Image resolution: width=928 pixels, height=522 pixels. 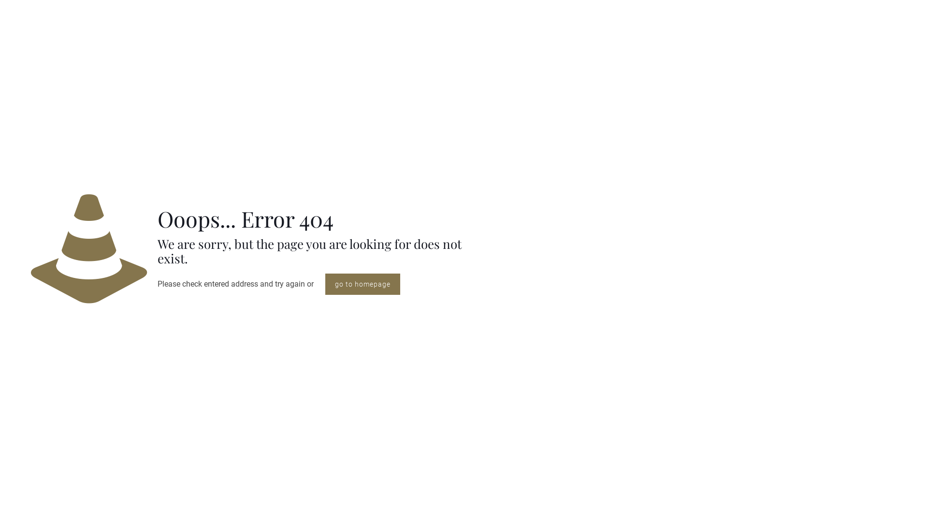 What do you see at coordinates (325, 283) in the screenshot?
I see `'go to homepage'` at bounding box center [325, 283].